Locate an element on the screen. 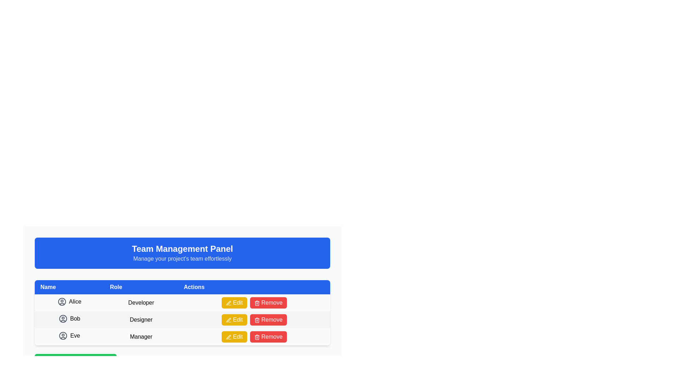 This screenshot has height=383, width=681. the Header panel with text that contains 'Team Management Panel' and 'Manage your project's team effortlessly' is located at coordinates (182, 252).